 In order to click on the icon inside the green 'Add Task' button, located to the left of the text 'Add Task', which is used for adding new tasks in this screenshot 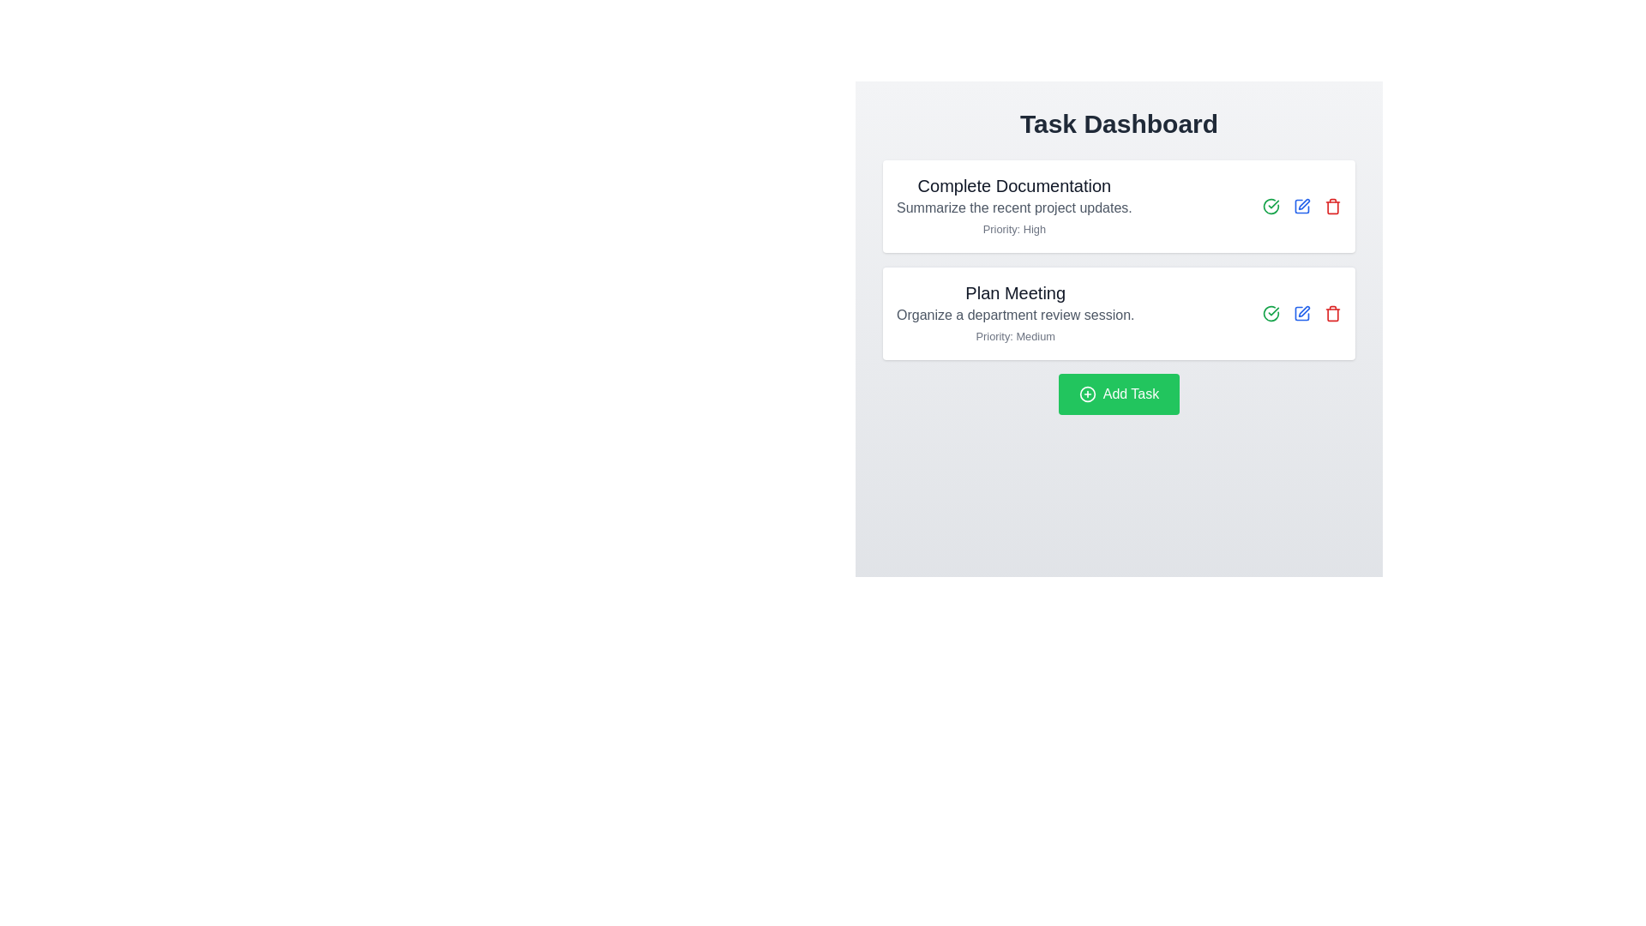, I will do `click(1086, 394)`.